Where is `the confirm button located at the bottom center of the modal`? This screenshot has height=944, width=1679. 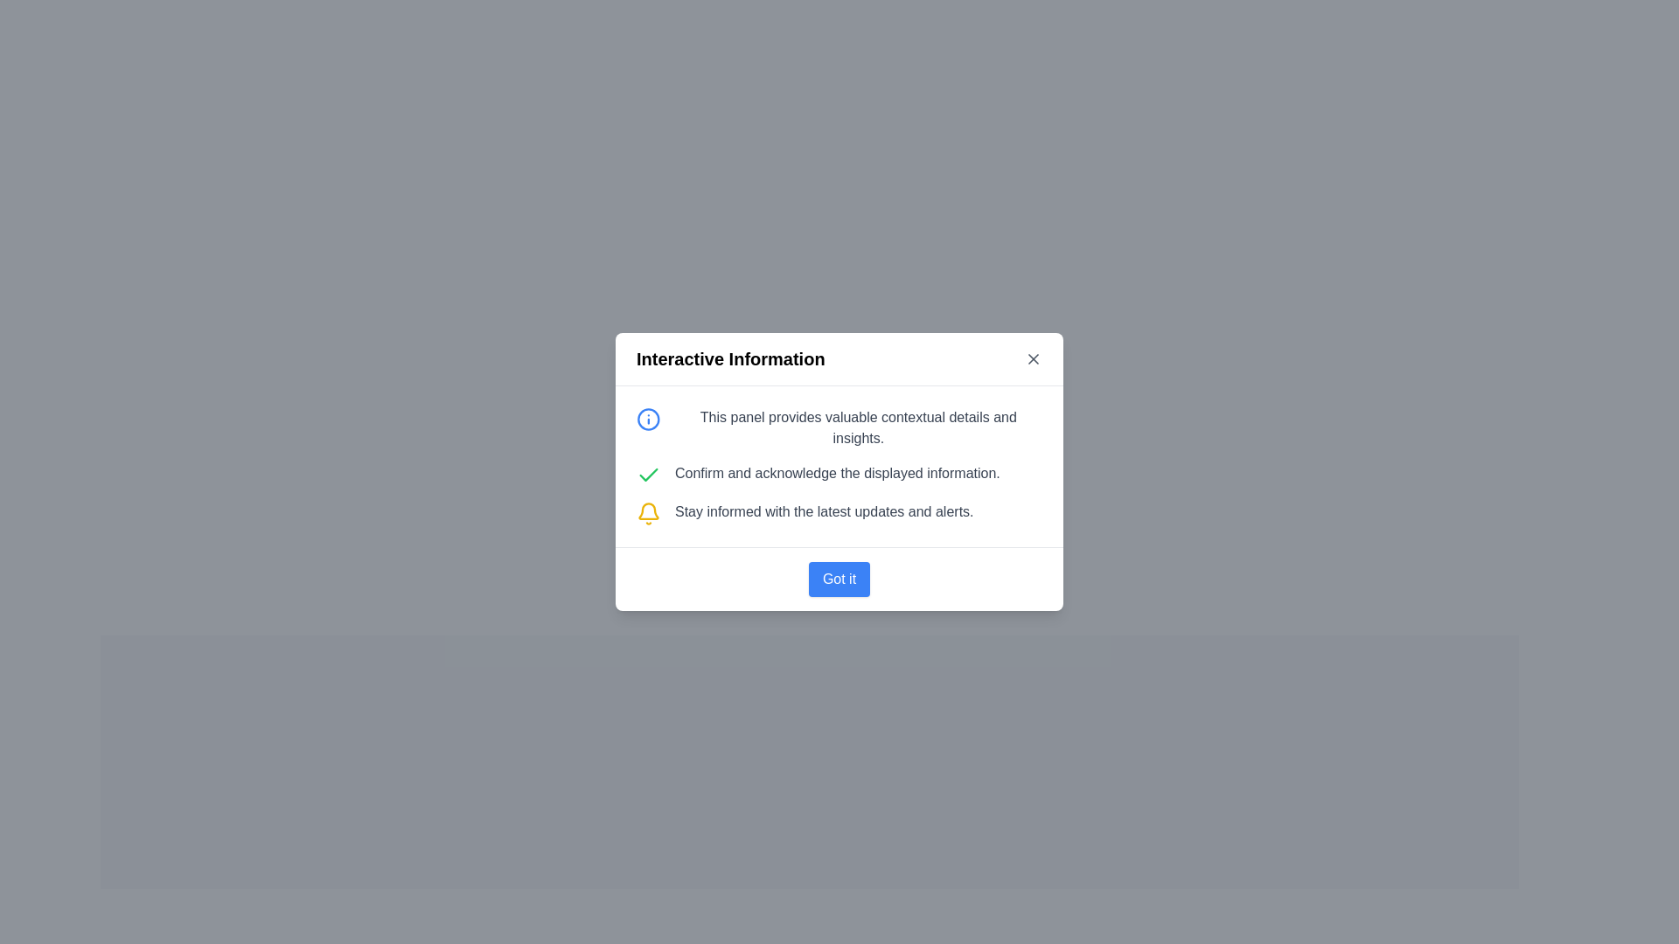
the confirm button located at the bottom center of the modal is located at coordinates (839, 580).